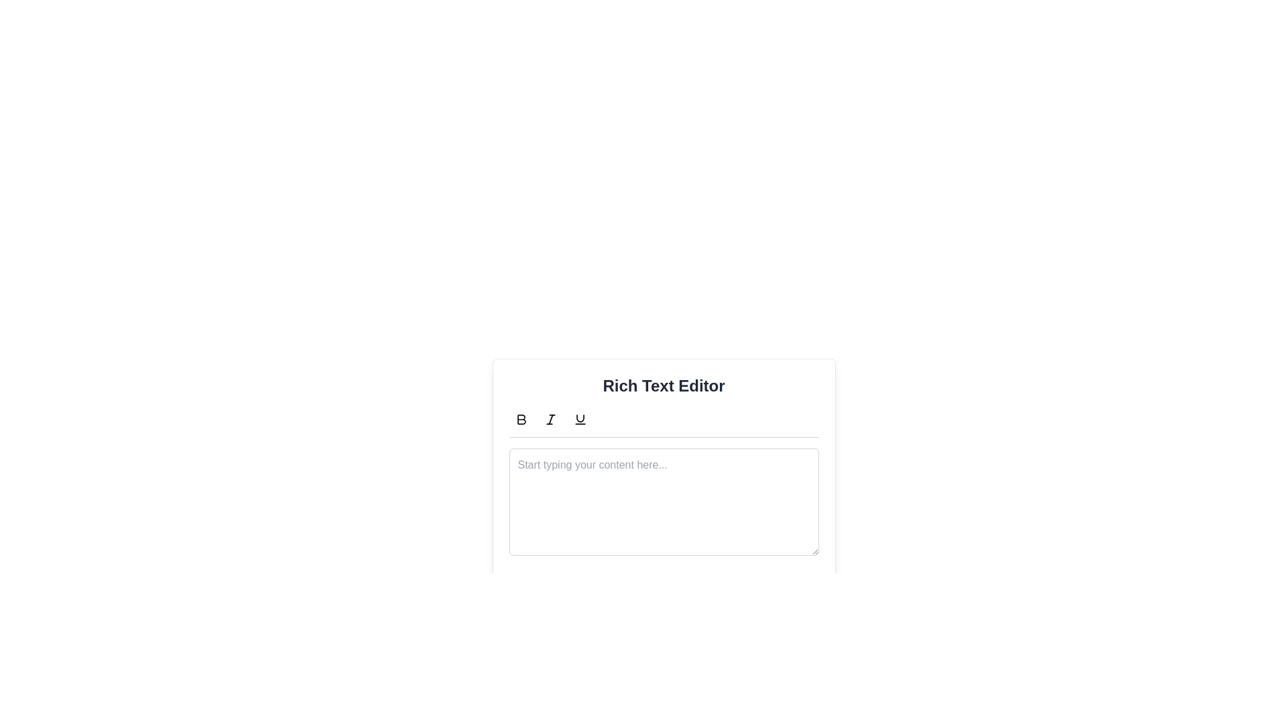 The width and height of the screenshot is (1287, 724). I want to click on the italic 'I' button styled with a bold outline in the rich text editor toolbar, so click(550, 418).